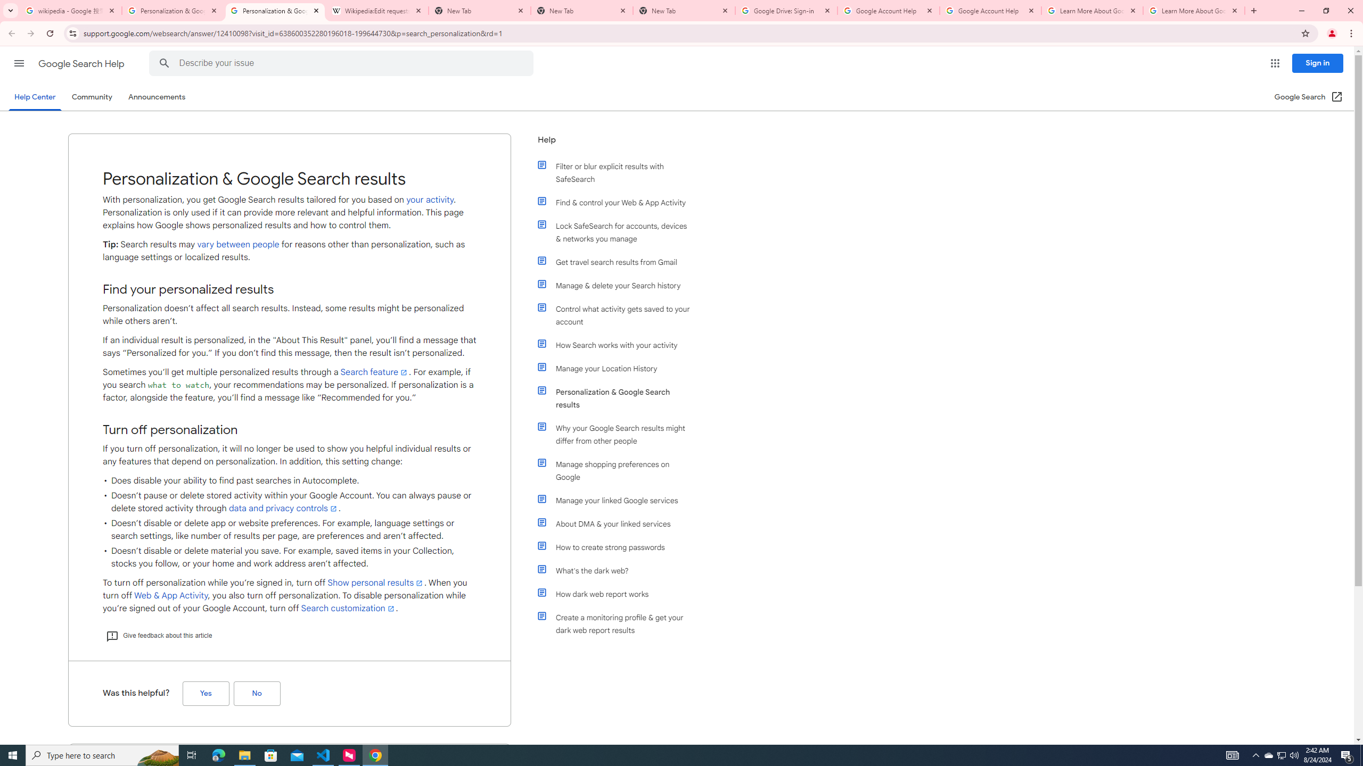 The width and height of the screenshot is (1363, 766). Describe the element at coordinates (375, 582) in the screenshot. I see `'Show personal results'` at that location.